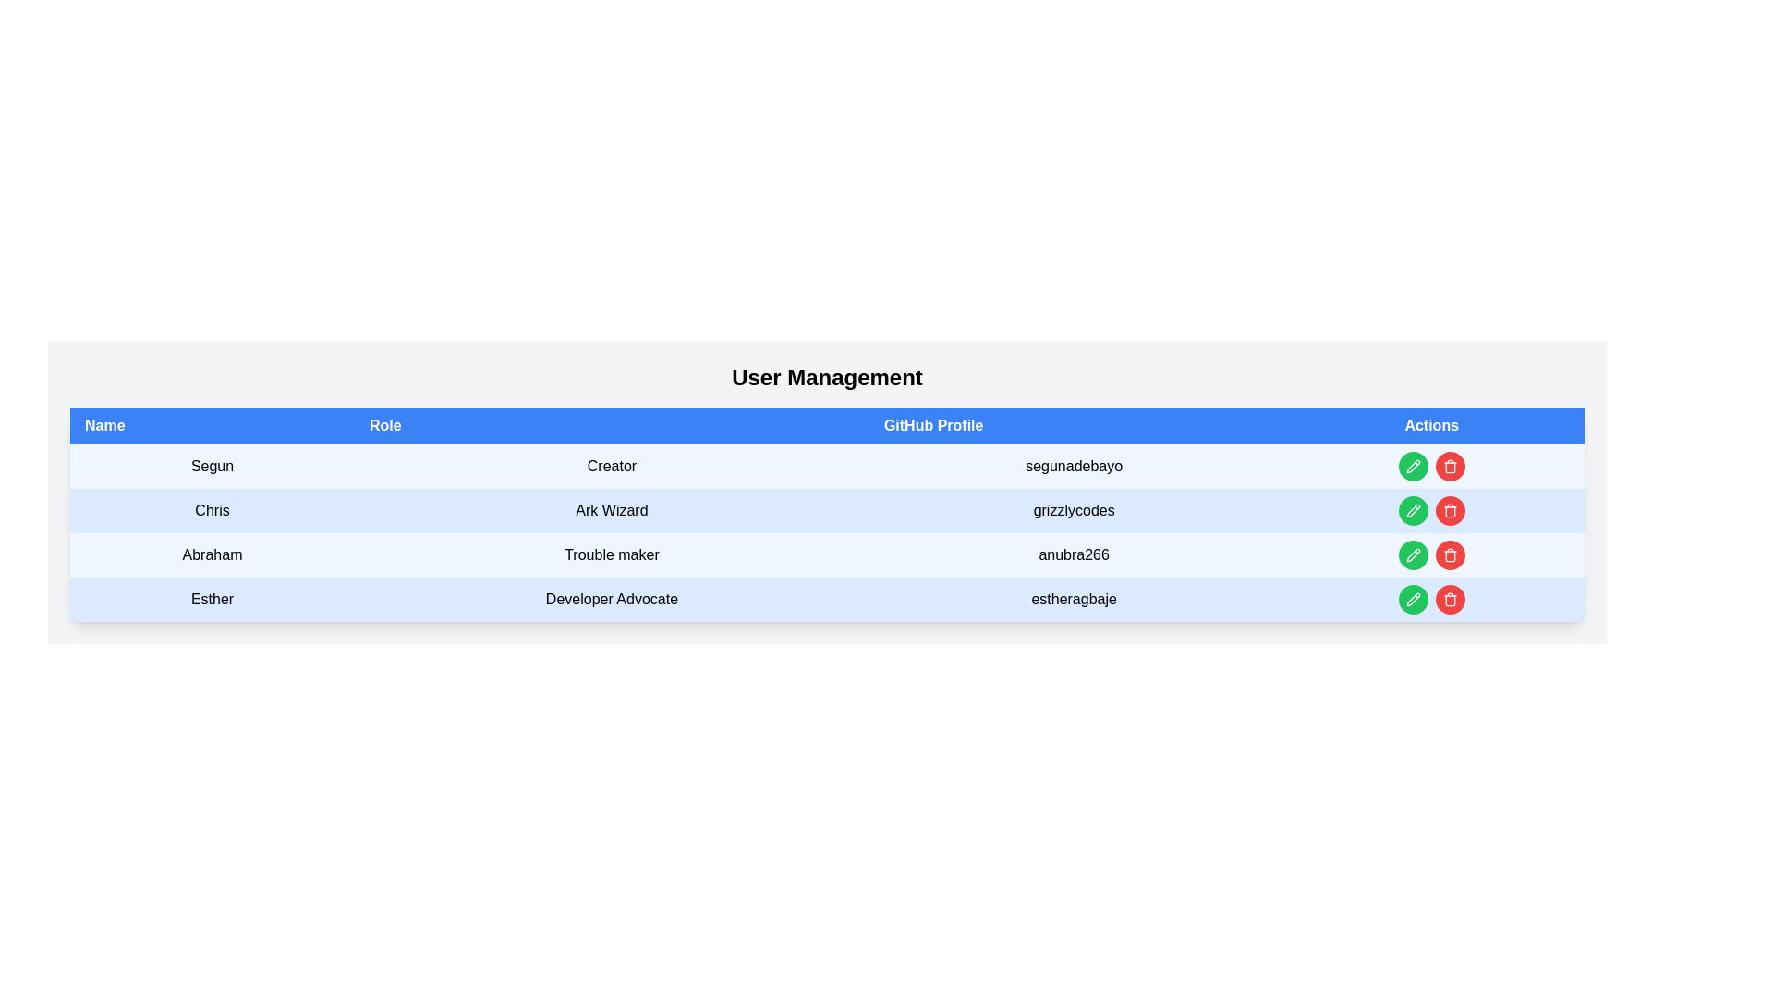  Describe the element at coordinates (1449, 466) in the screenshot. I see `the red circular delete button with a trash can icon located in the 'Actions' column of the User Management table` at that location.